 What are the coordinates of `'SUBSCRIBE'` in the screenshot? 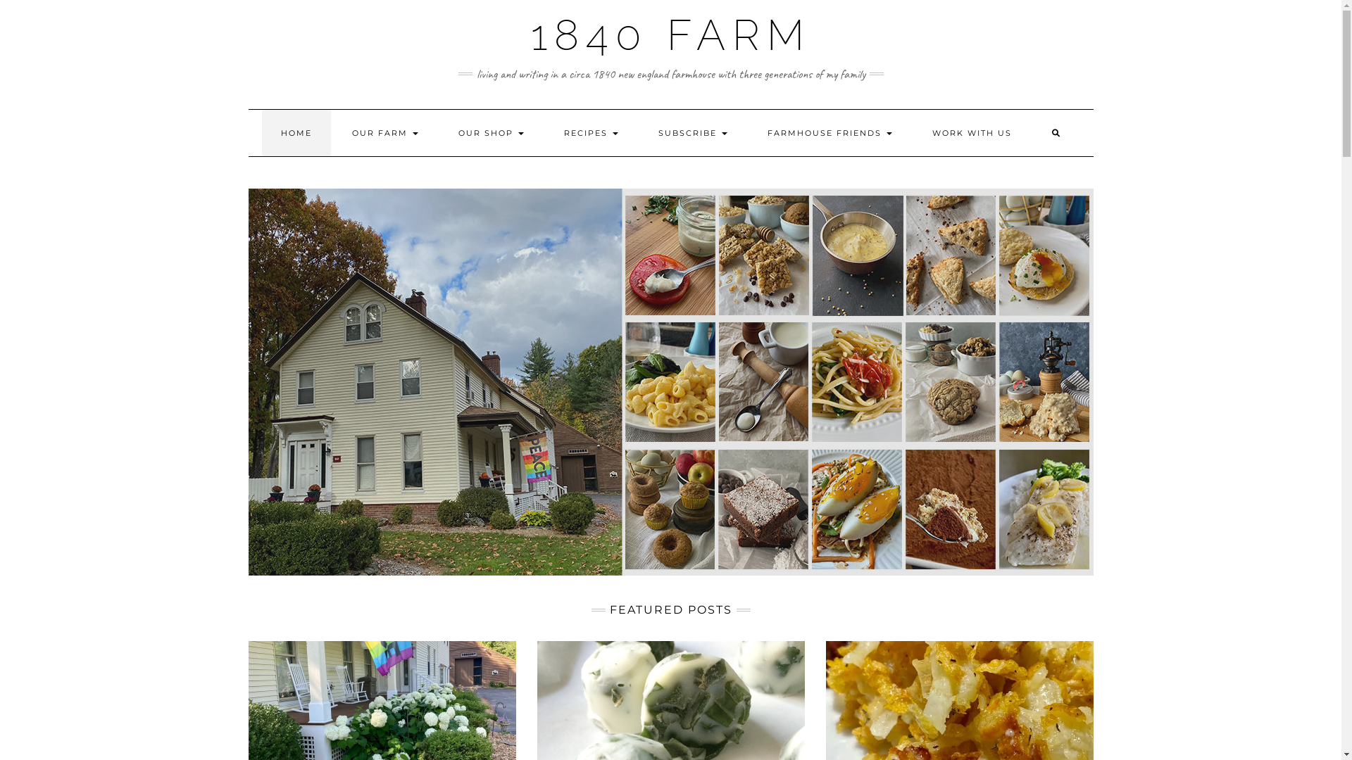 It's located at (692, 133).